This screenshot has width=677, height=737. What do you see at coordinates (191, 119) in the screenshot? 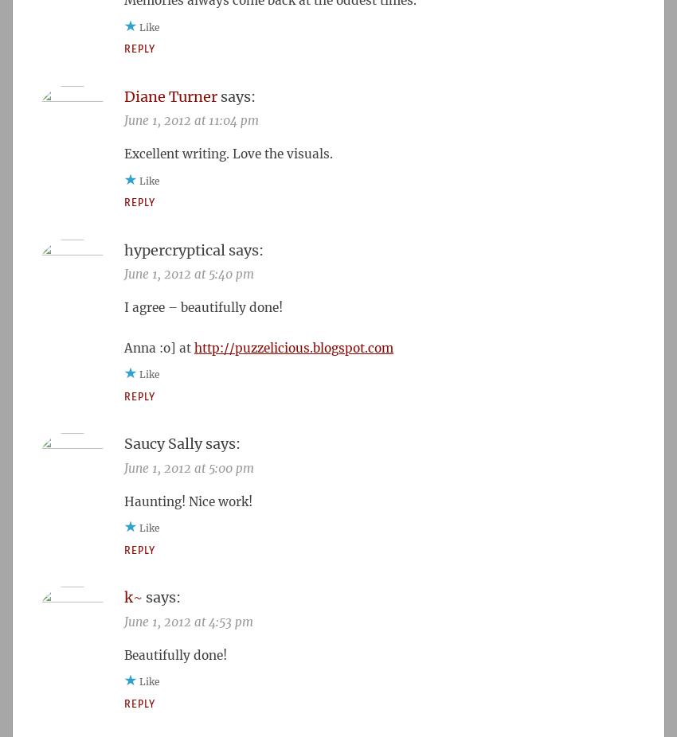
I see `'June 1, 2012 at 11:04 pm'` at bounding box center [191, 119].